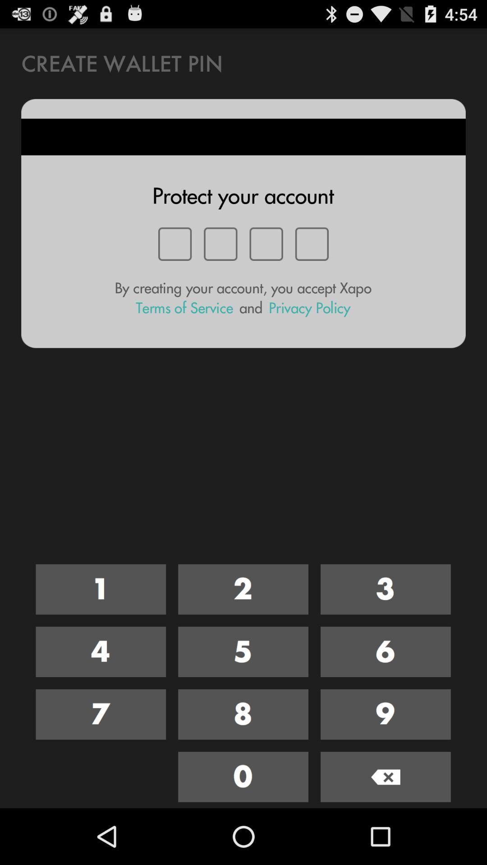  I want to click on the terms of service, so click(184, 308).